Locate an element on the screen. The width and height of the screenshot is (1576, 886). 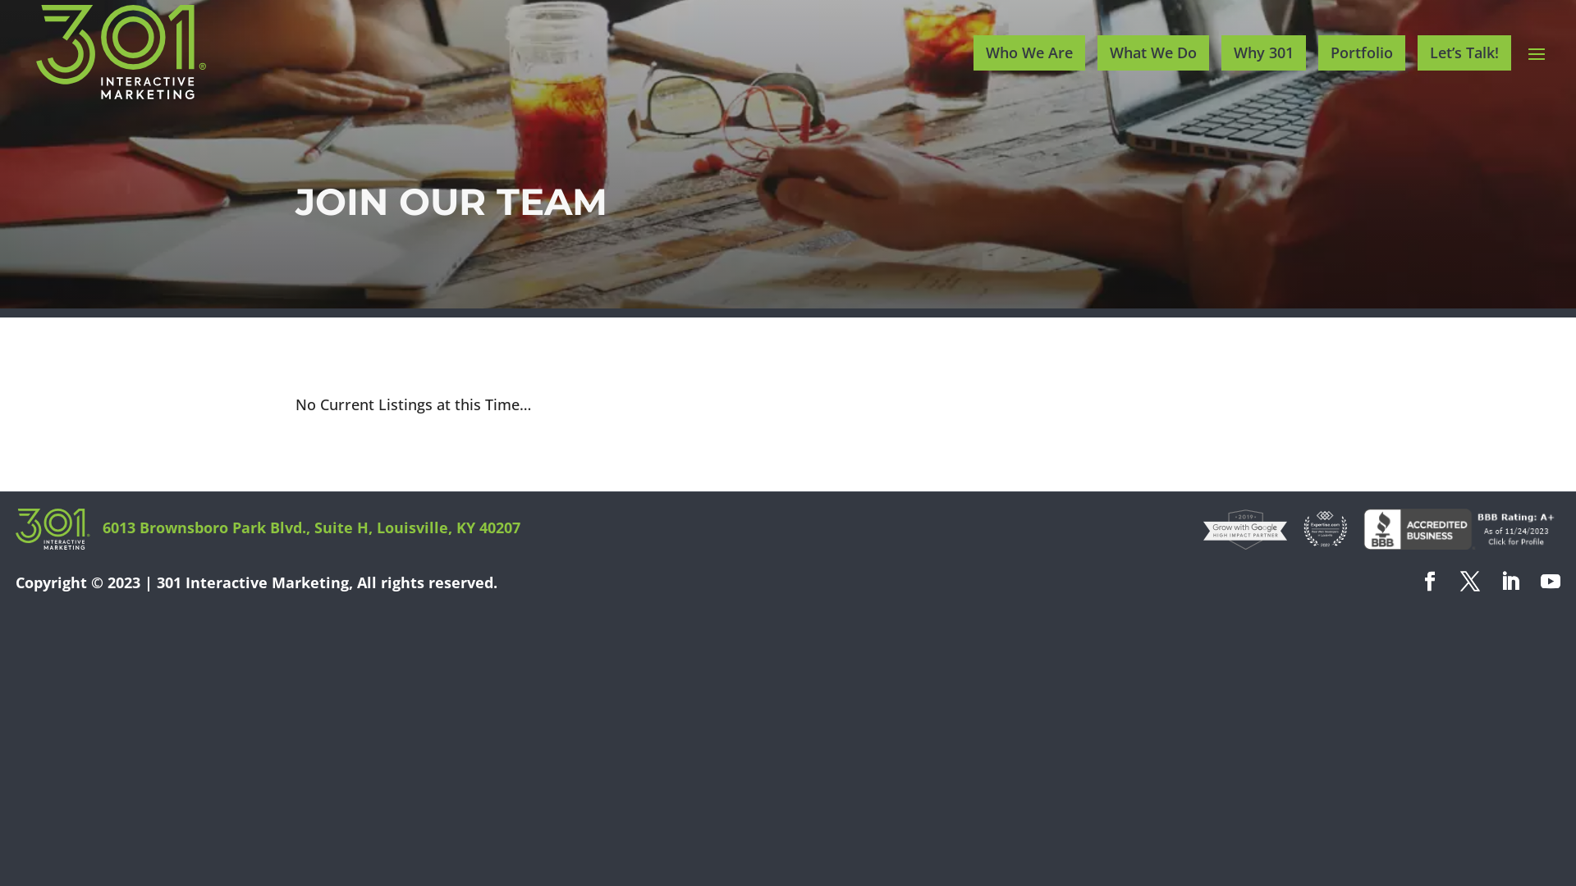
'Portfolio' is located at coordinates (1362, 52).